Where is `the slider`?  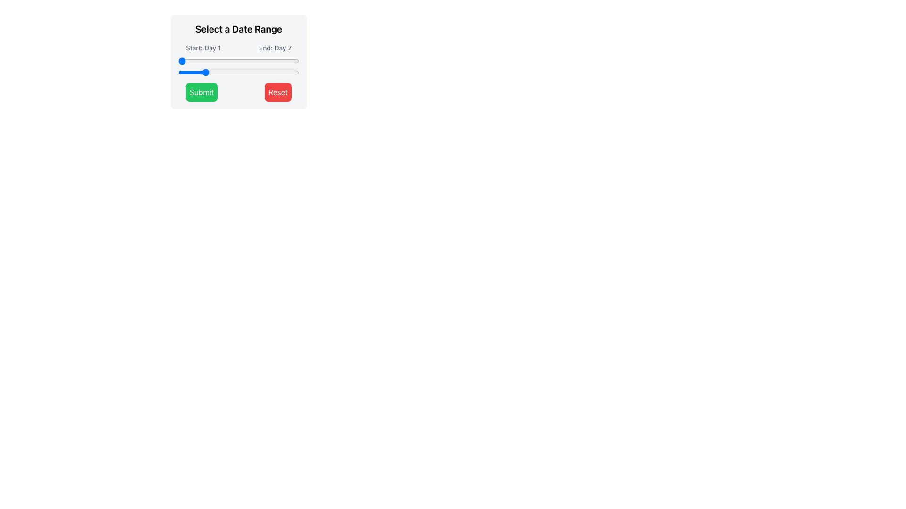 the slider is located at coordinates (282, 61).